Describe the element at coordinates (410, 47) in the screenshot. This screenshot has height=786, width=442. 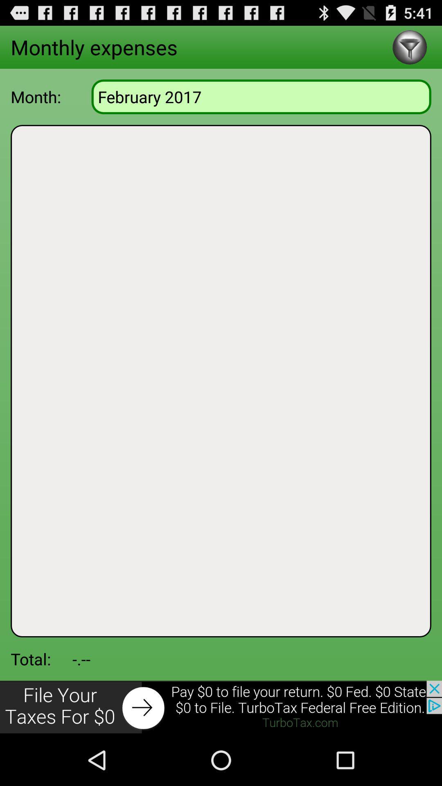
I see `information option` at that location.